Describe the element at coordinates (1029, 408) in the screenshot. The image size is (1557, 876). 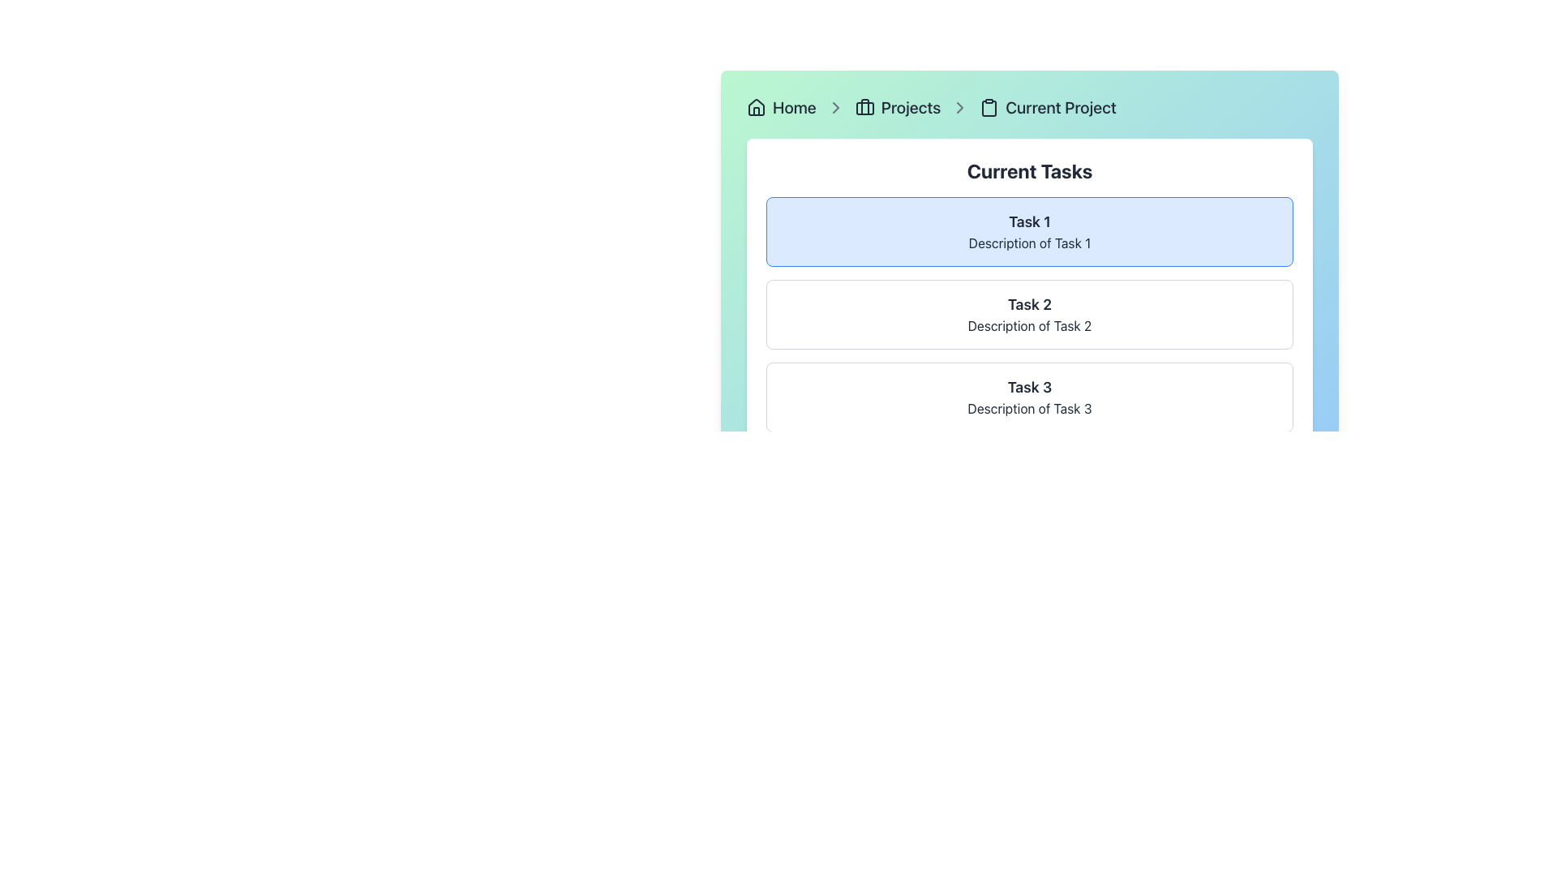
I see `the static text element labeled 'Description of Task 3', which provides additional information about the task, positioned beneath 'Task 3'` at that location.